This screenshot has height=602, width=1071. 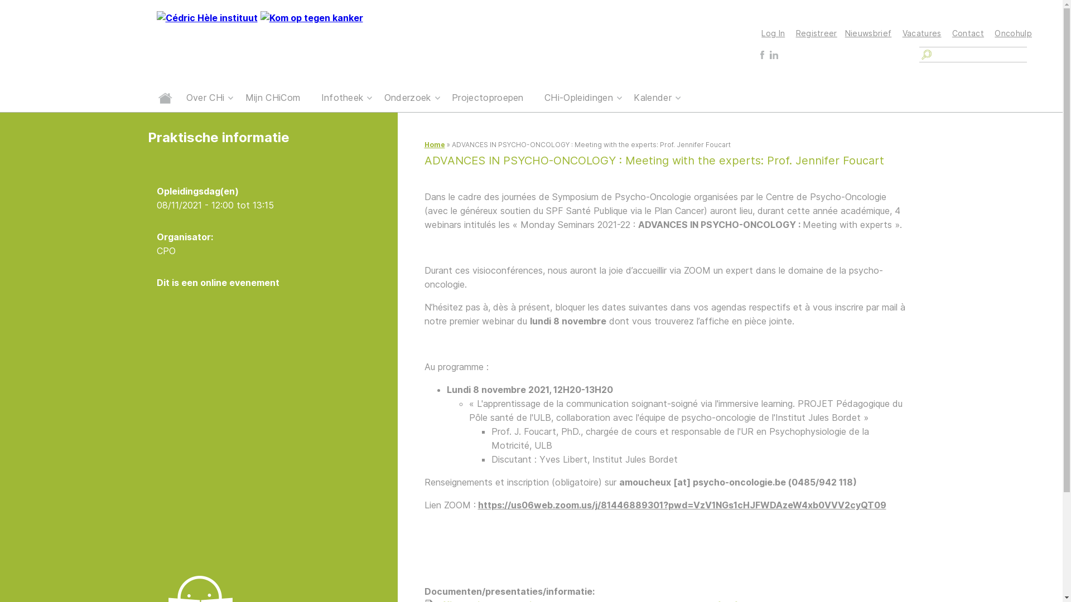 What do you see at coordinates (653, 97) in the screenshot?
I see `'Kalender'` at bounding box center [653, 97].